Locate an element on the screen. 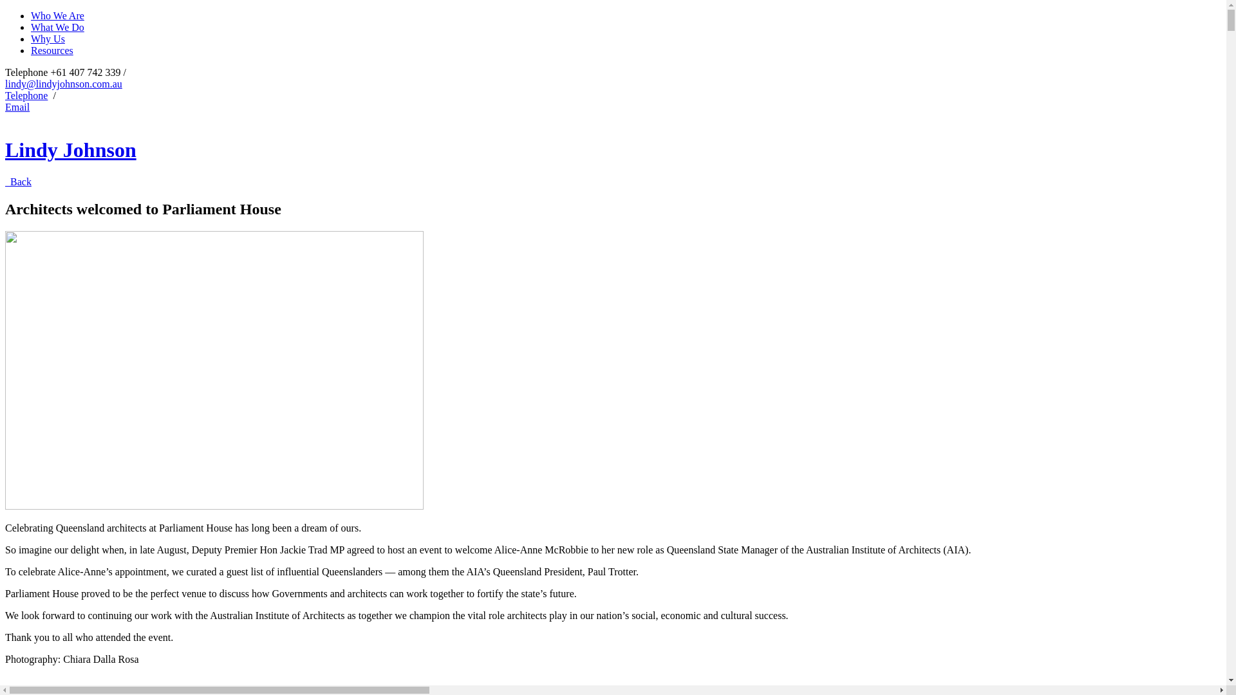 This screenshot has height=695, width=1236. 'Lindy Johnson' is located at coordinates (70, 149).